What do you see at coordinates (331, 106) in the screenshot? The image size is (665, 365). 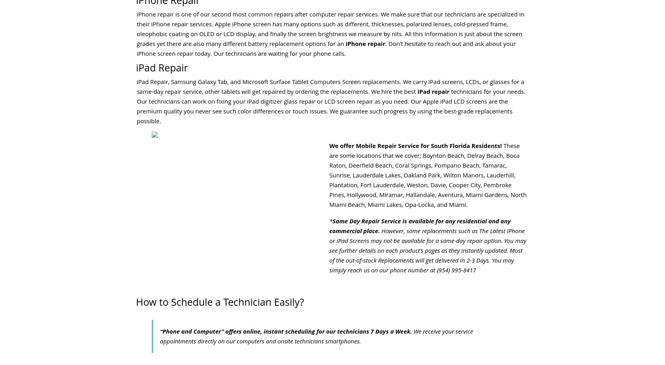 I see `'technicians for your needs. Our technicians can work on fixing your iPad digitizer glass repair or LCD screen repair as you need. Our Apple iPad LCD screens are the premium quality you never see such color differences or touch issues. We guarantee such progress by using the best-grade replacements possible.'` at bounding box center [331, 106].